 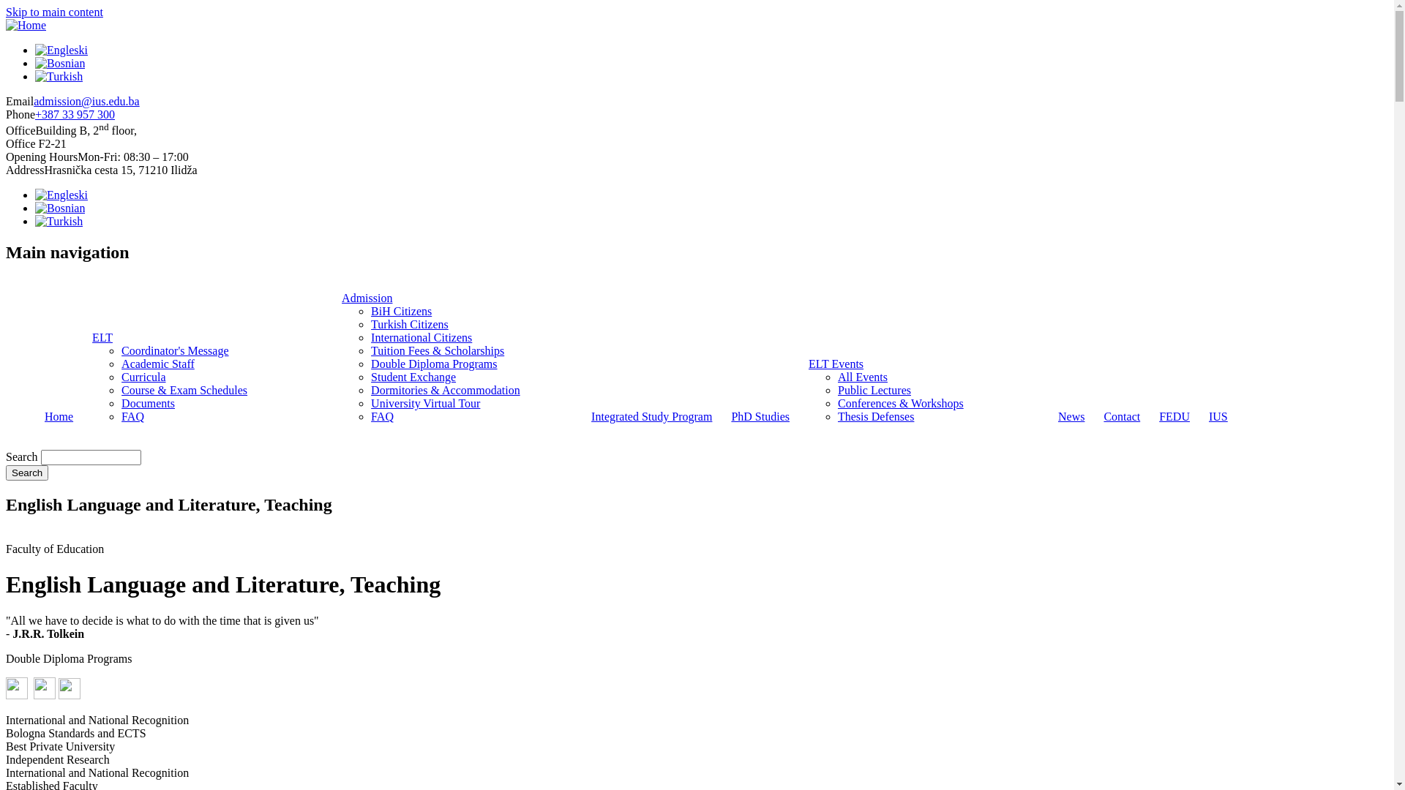 I want to click on 'Skip to main content', so click(x=54, y=12).